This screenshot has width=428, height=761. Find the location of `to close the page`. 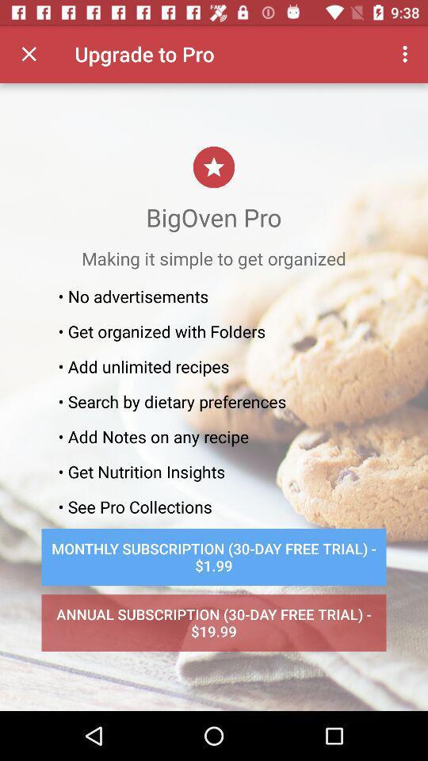

to close the page is located at coordinates (29, 54).